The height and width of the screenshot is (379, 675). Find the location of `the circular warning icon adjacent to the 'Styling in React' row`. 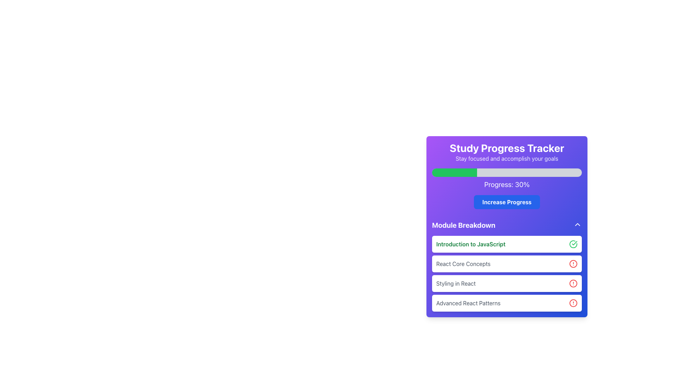

the circular warning icon adjacent to the 'Styling in React' row is located at coordinates (573, 283).